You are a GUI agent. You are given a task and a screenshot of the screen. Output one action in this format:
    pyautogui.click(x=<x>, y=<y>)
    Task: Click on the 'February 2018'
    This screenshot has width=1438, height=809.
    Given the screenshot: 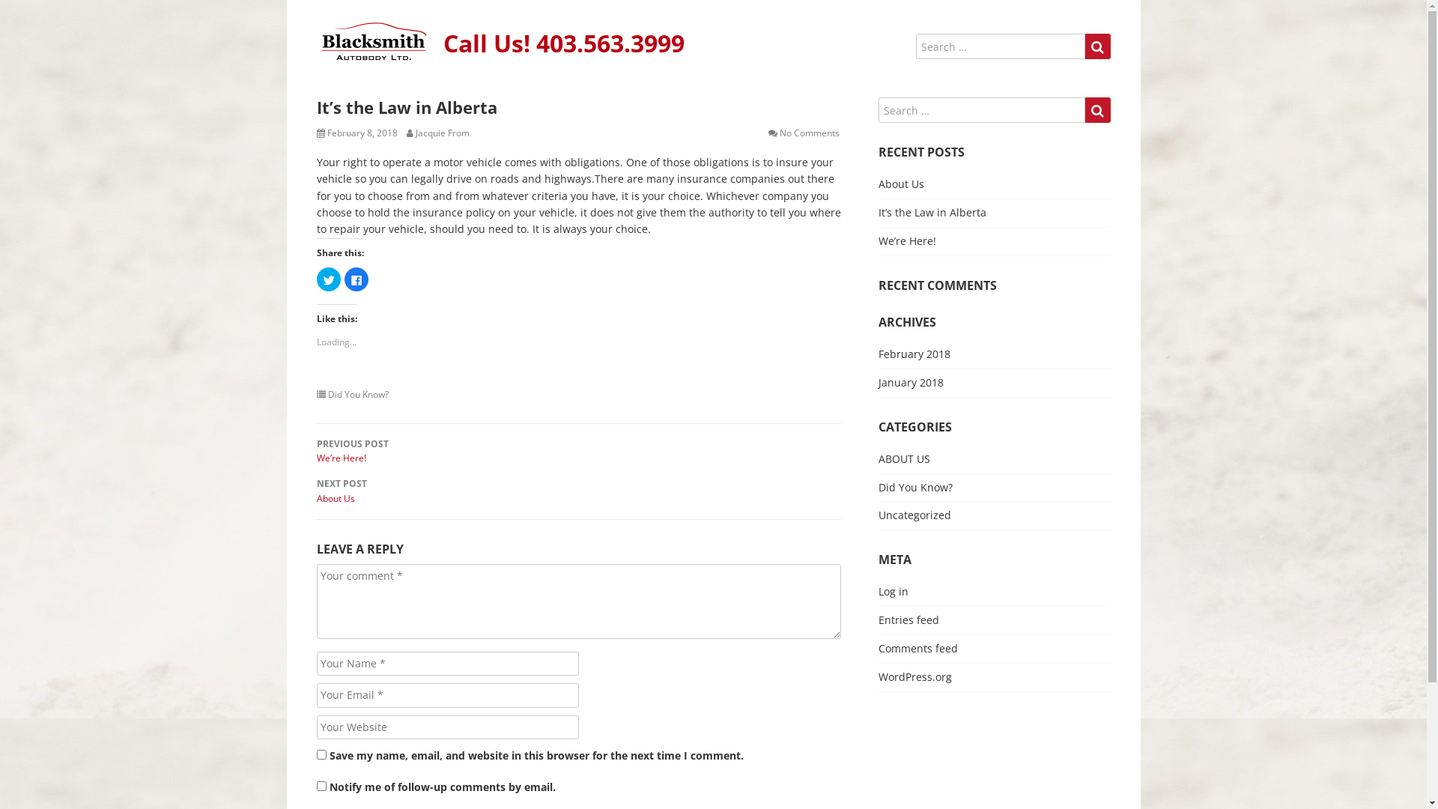 What is the action you would take?
    pyautogui.click(x=912, y=354)
    